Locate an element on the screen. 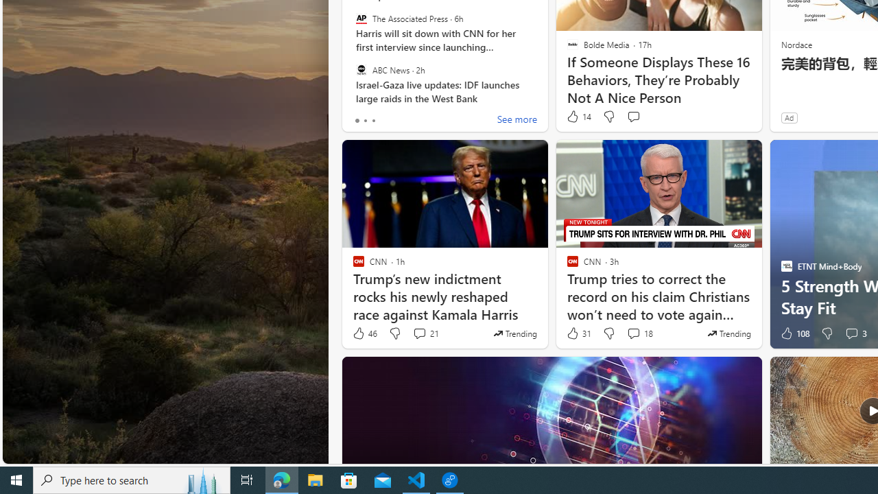 This screenshot has height=494, width=878. 'tab-1' is located at coordinates (365, 120).